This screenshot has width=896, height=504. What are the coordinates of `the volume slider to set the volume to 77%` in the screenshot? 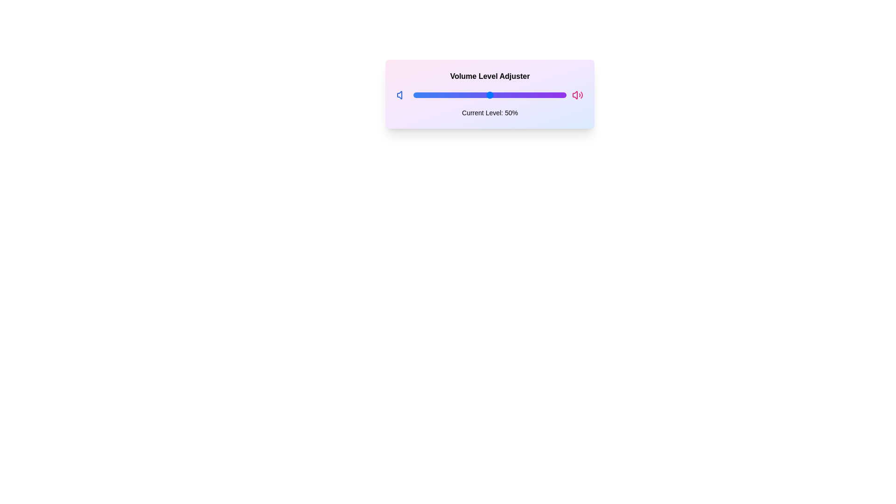 It's located at (531, 95).